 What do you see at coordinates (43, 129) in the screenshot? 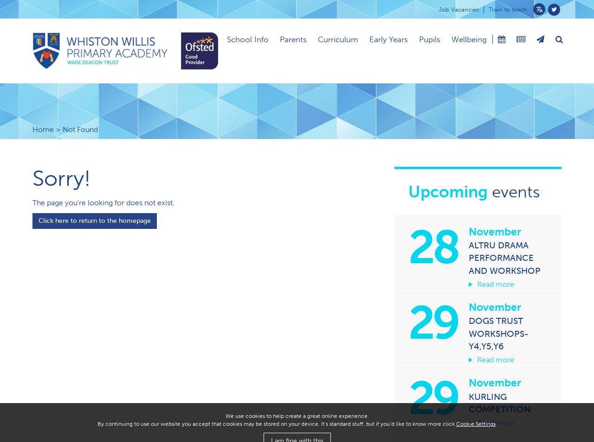
I see `'Home'` at bounding box center [43, 129].